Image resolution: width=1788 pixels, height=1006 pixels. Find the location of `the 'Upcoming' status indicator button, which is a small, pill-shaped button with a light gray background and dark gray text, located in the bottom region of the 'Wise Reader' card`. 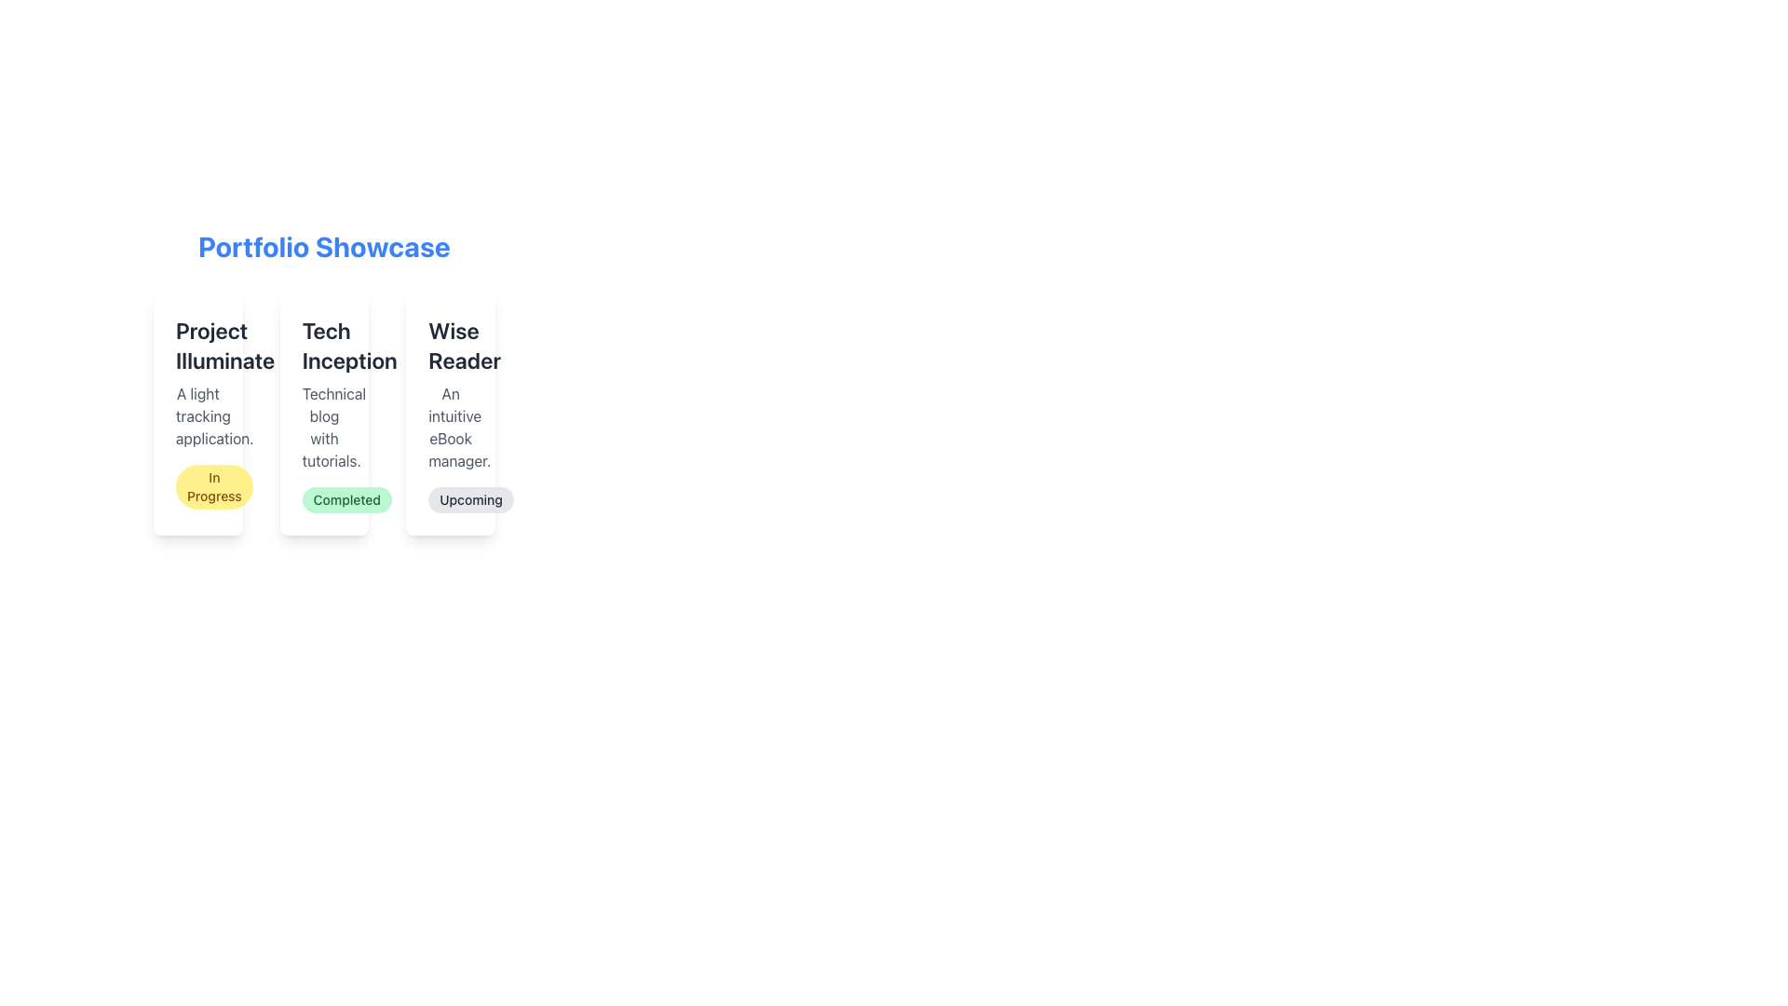

the 'Upcoming' status indicator button, which is a small, pill-shaped button with a light gray background and dark gray text, located in the bottom region of the 'Wise Reader' card is located at coordinates (471, 498).